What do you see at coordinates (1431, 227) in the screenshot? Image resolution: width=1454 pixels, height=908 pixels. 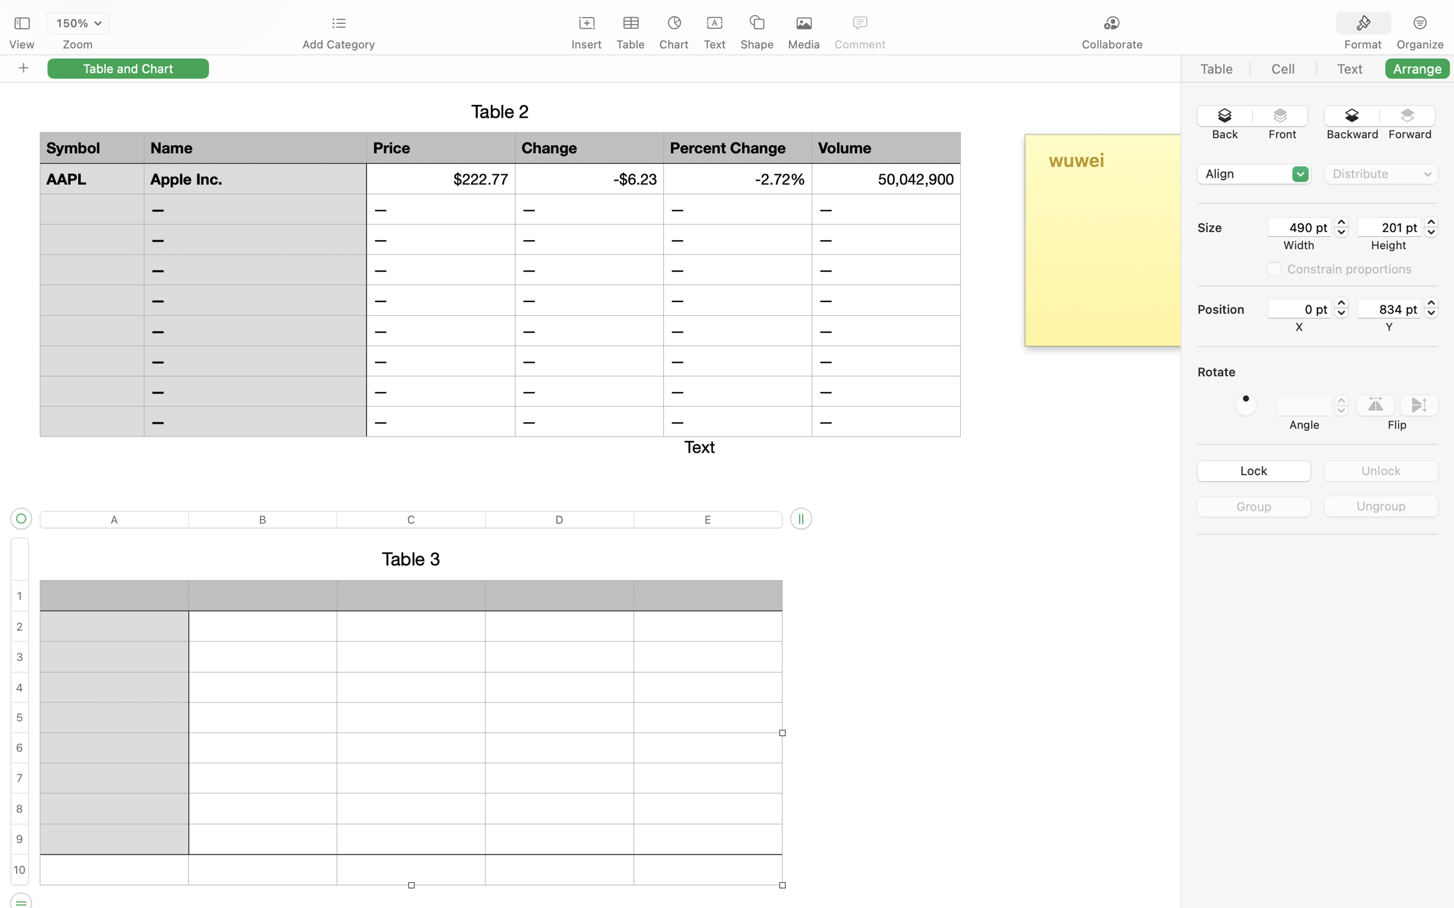 I see `'201.47987055778503'` at bounding box center [1431, 227].